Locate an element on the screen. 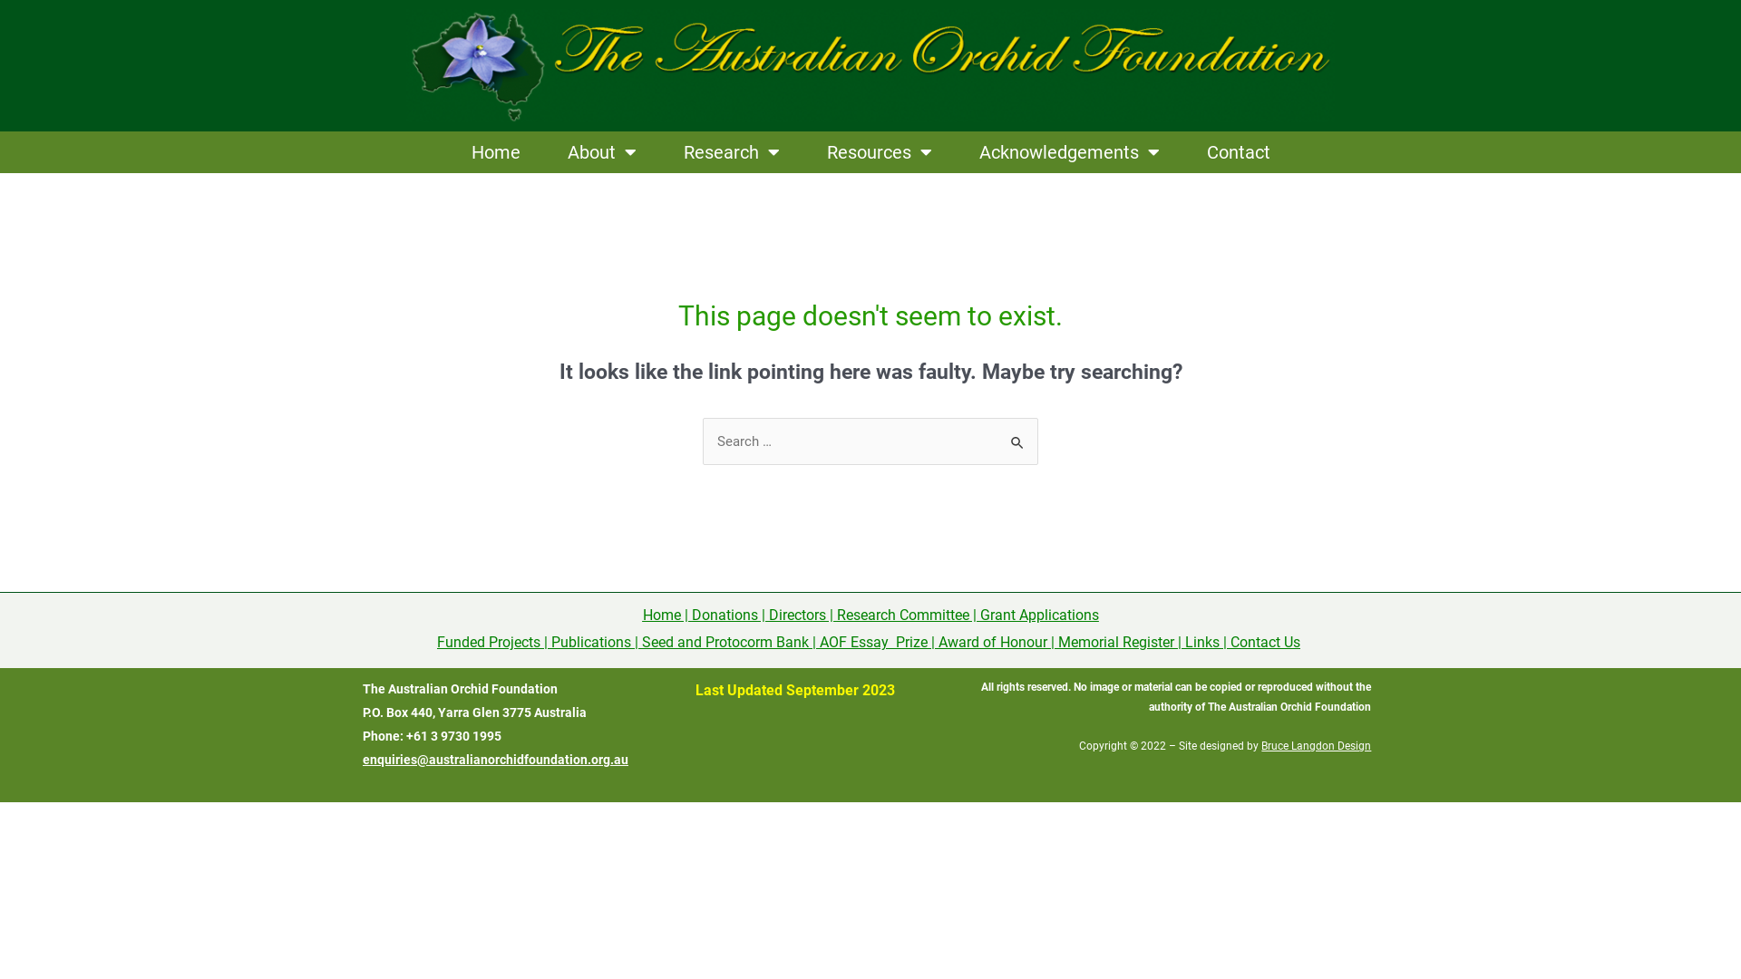  'Donations' is located at coordinates (723, 614).